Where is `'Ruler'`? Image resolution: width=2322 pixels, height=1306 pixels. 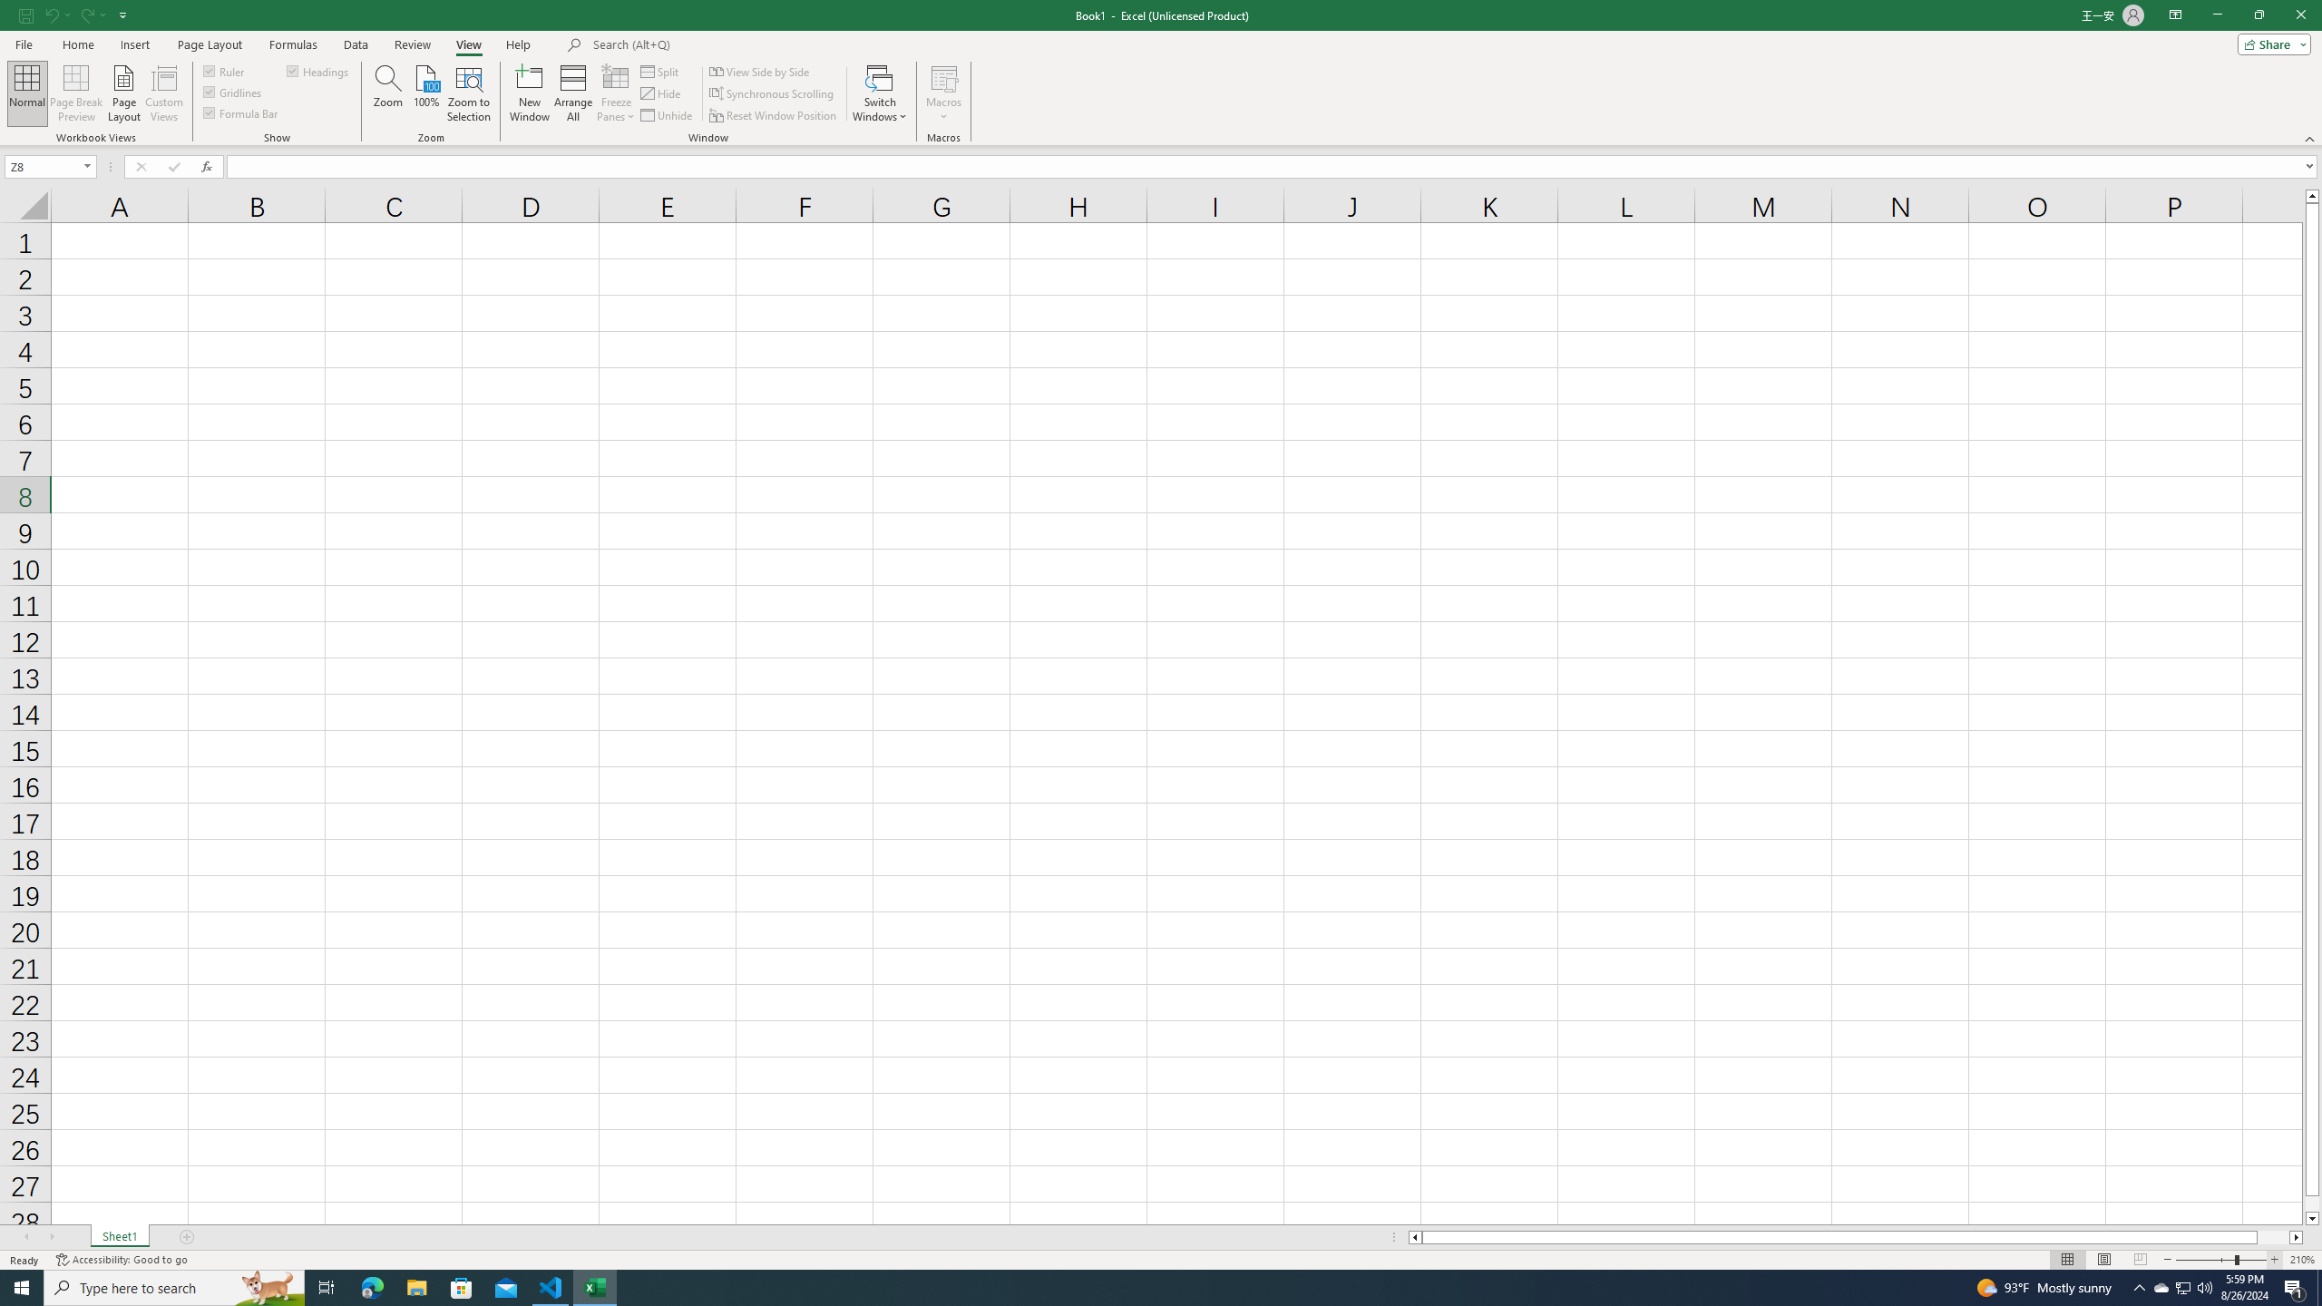 'Ruler' is located at coordinates (225, 70).